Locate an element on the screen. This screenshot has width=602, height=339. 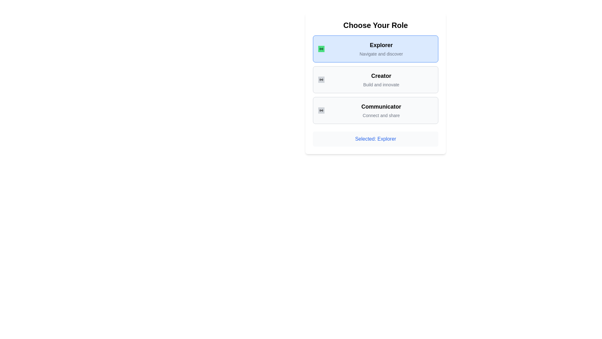
the 'Communicator' icon in the 'Choose Your Role' section of the interface, which is located to the left of the title and subtitle texts is located at coordinates (321, 110).